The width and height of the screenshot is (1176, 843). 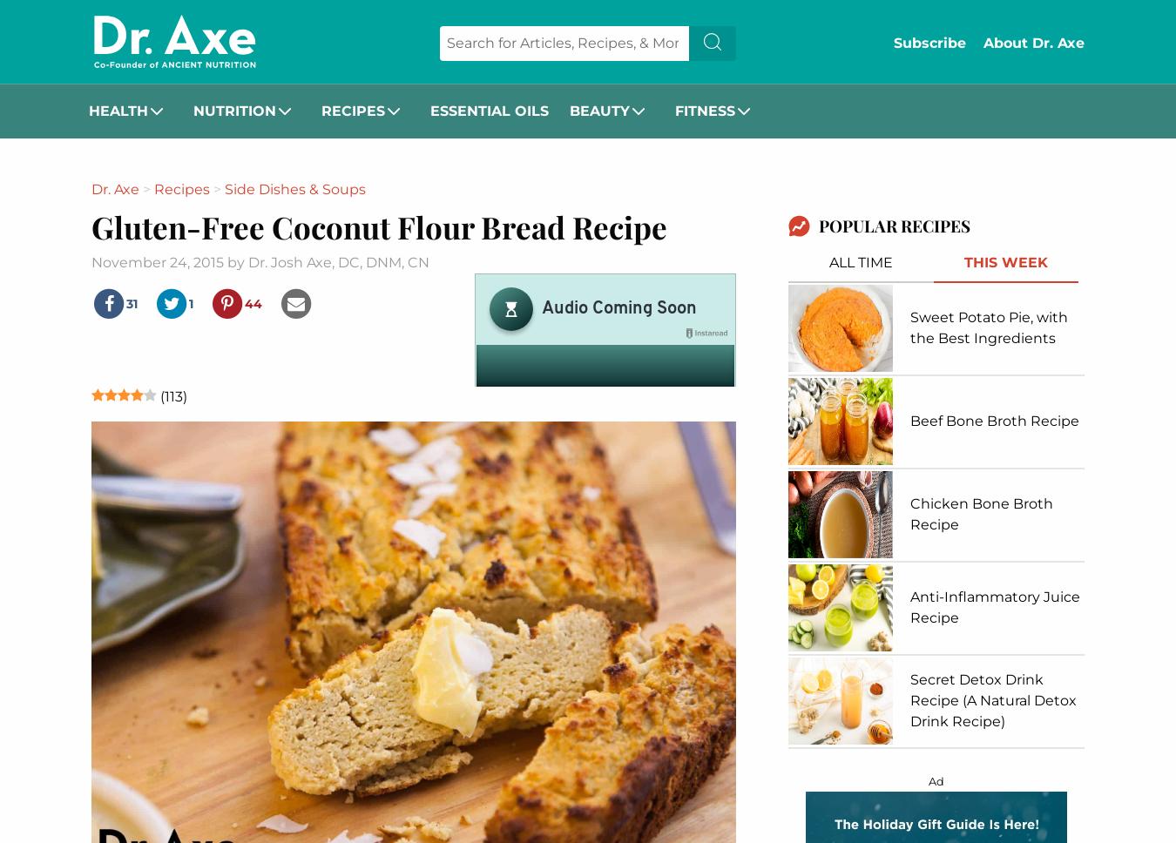 I want to click on '31', so click(x=133, y=303).